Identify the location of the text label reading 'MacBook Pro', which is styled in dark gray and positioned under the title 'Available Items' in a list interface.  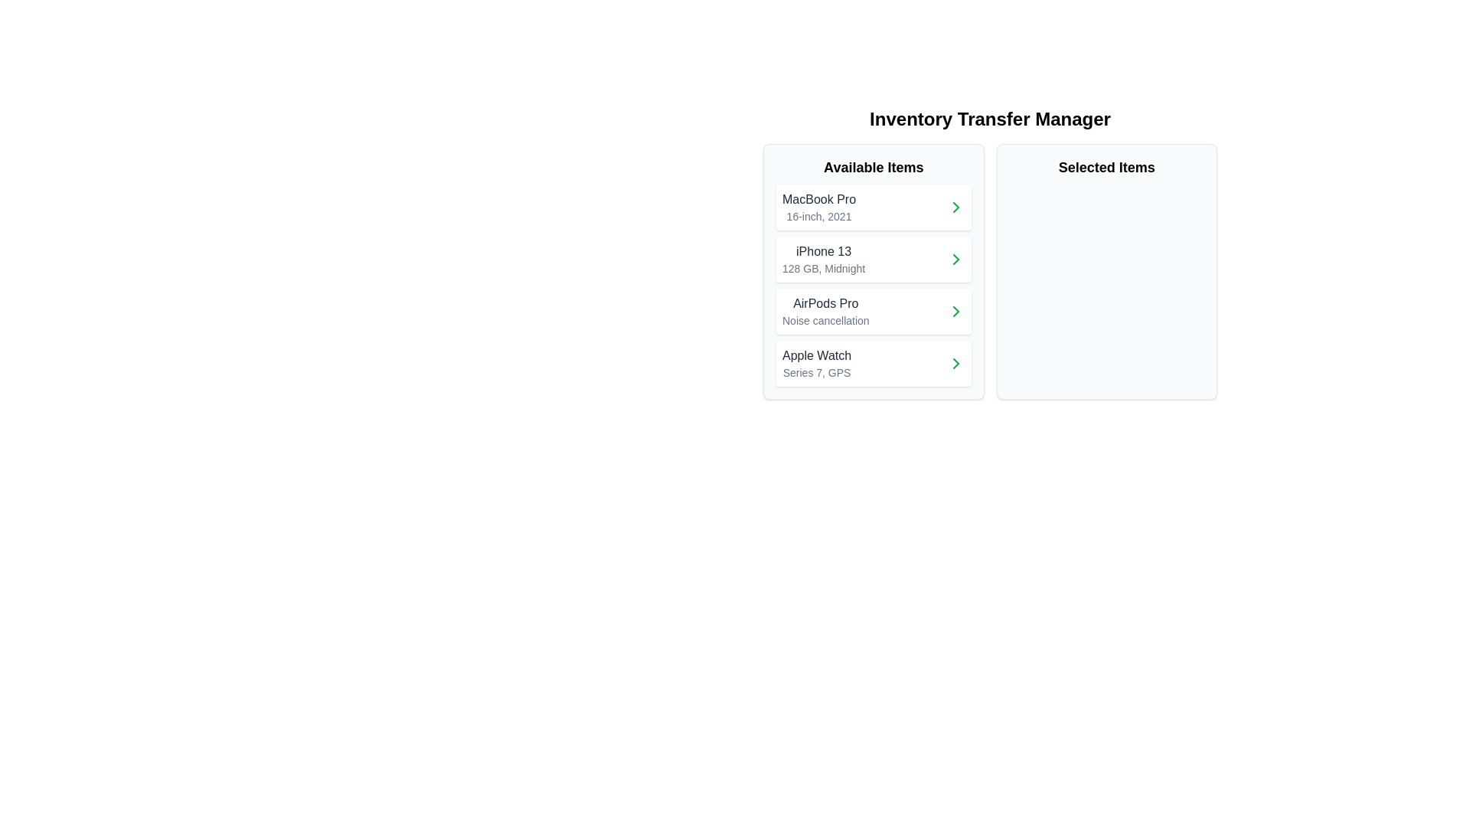
(818, 199).